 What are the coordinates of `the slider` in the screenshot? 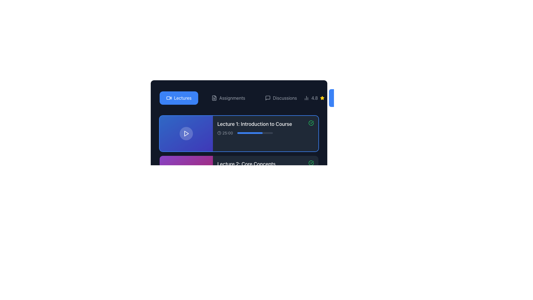 It's located at (248, 133).